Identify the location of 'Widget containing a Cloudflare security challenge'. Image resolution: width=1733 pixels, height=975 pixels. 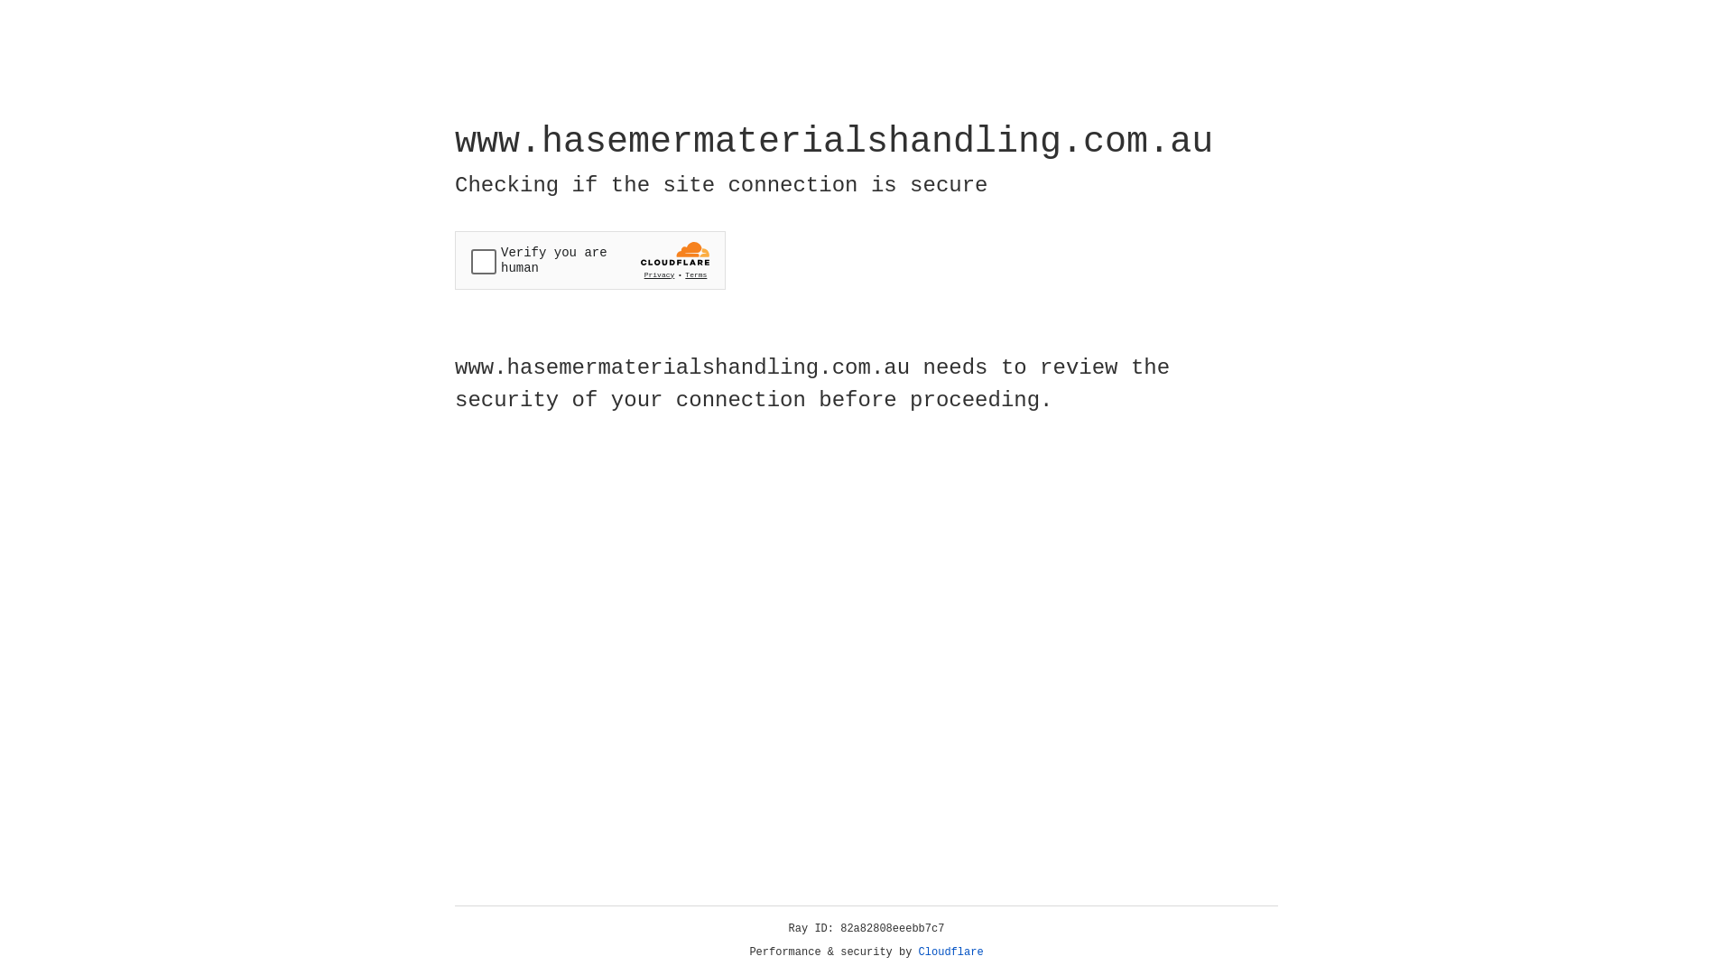
(589, 260).